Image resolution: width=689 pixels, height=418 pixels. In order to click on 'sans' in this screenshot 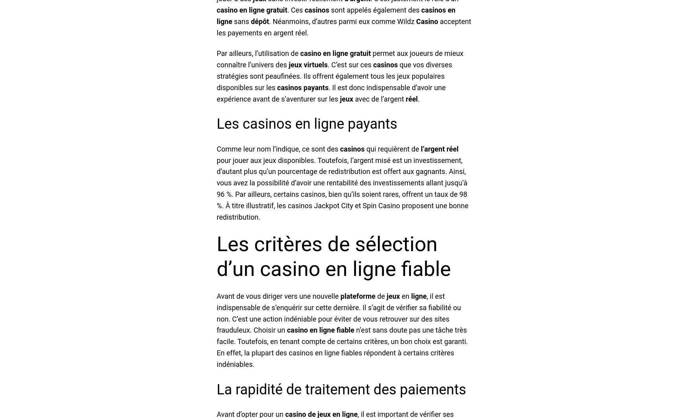, I will do `click(241, 21)`.